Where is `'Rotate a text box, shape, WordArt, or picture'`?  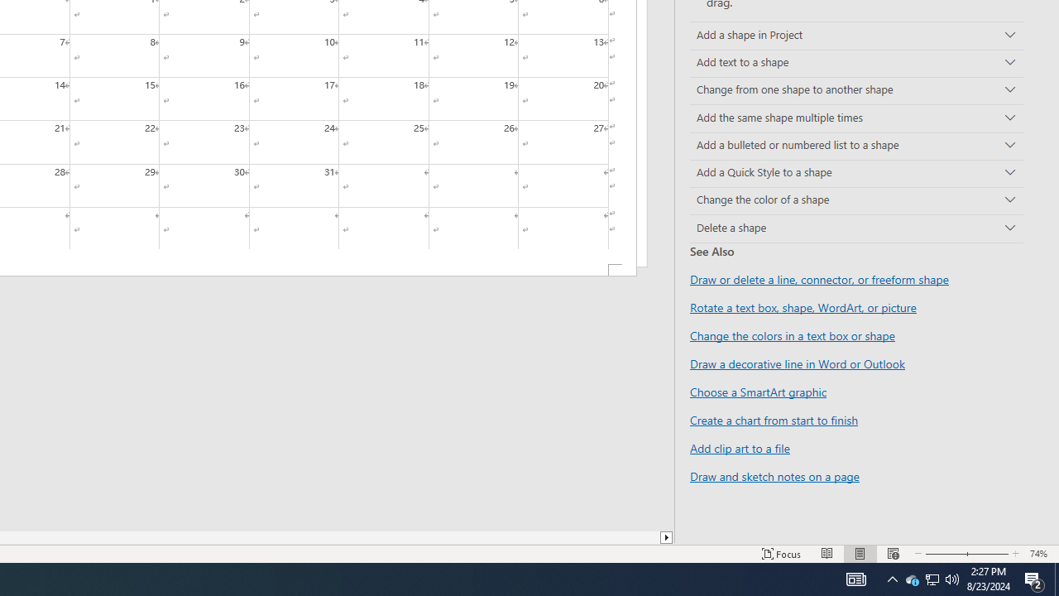
'Rotate a text box, shape, WordArt, or picture' is located at coordinates (803, 307).